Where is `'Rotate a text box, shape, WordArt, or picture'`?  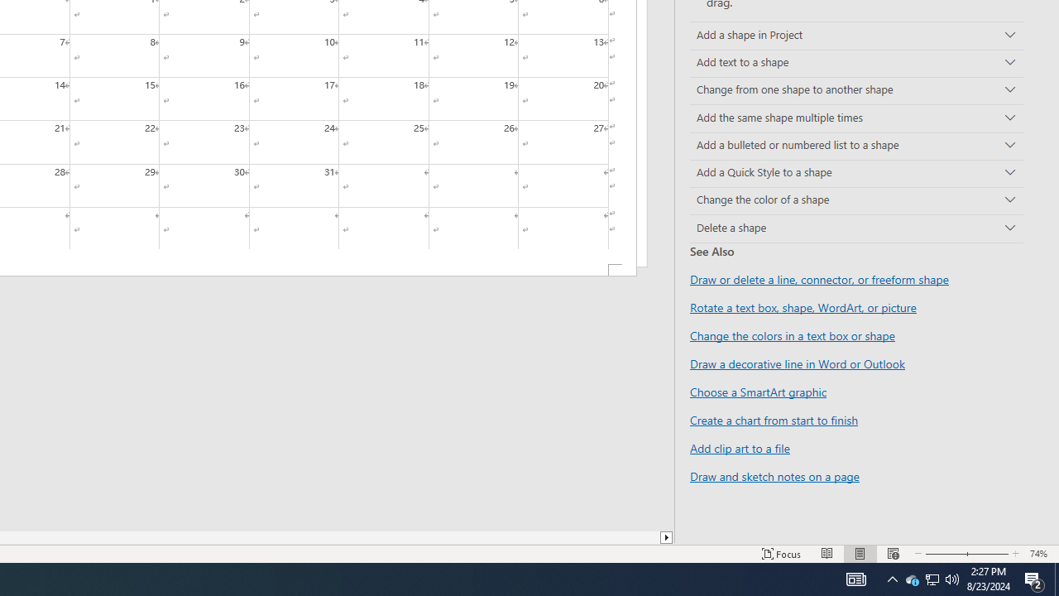
'Rotate a text box, shape, WordArt, or picture' is located at coordinates (803, 307).